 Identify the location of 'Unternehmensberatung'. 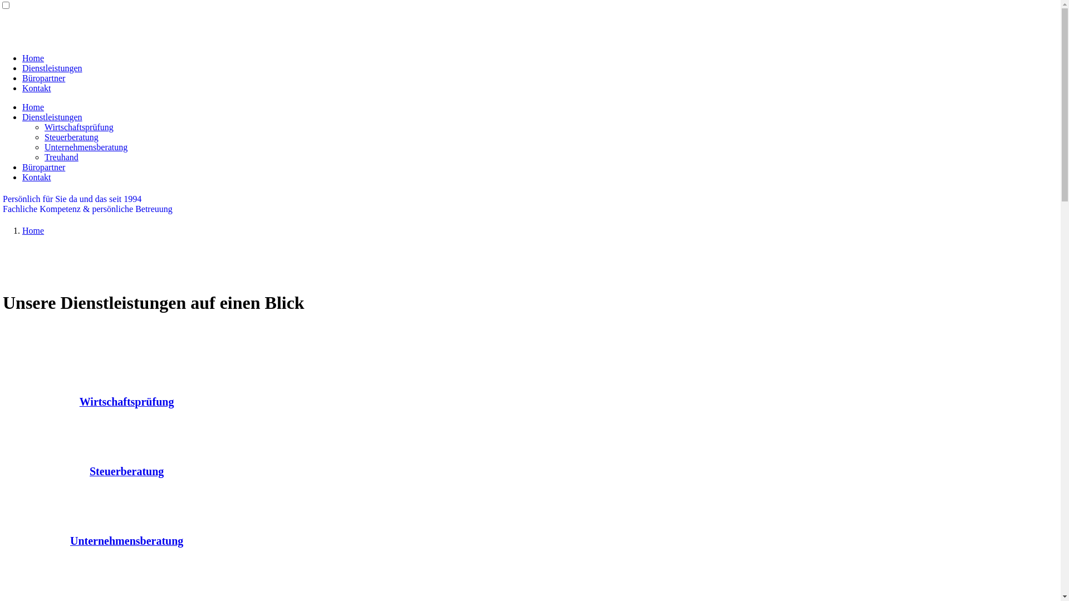
(85, 146).